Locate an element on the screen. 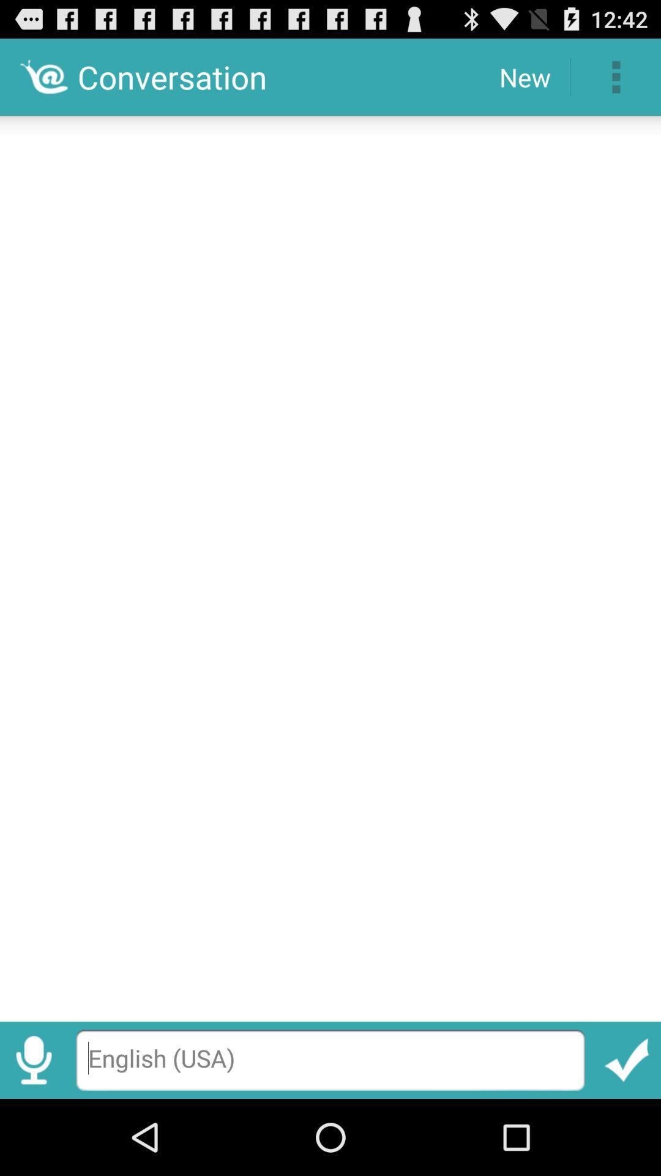 Image resolution: width=661 pixels, height=1176 pixels. icon to the right of new icon is located at coordinates (616, 76).